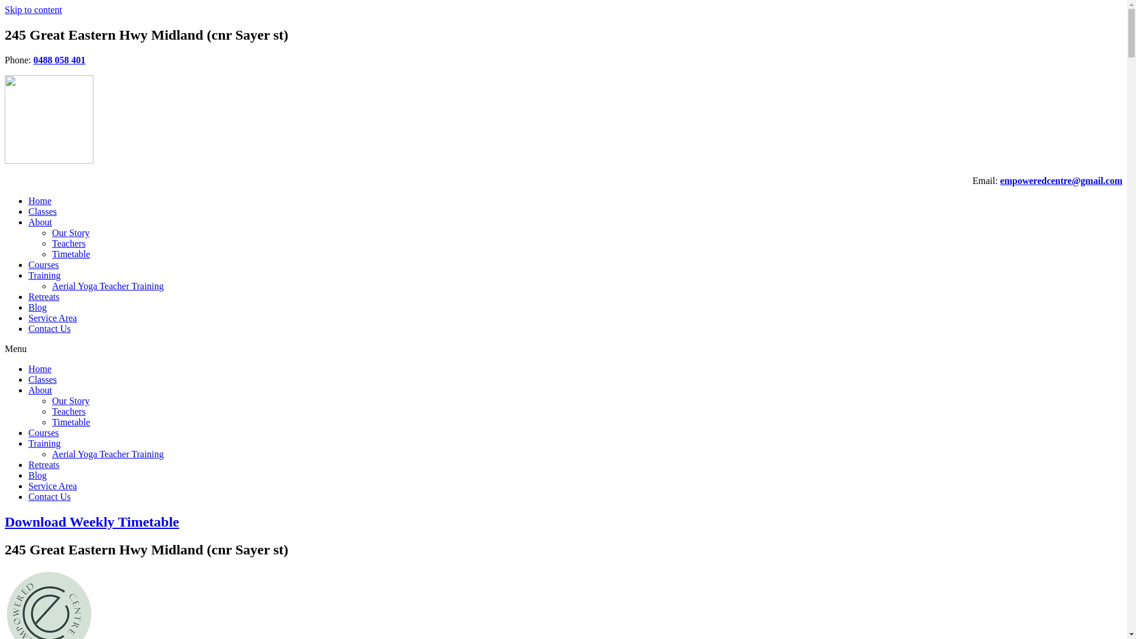  Describe the element at coordinates (40, 200) in the screenshot. I see `'Home'` at that location.